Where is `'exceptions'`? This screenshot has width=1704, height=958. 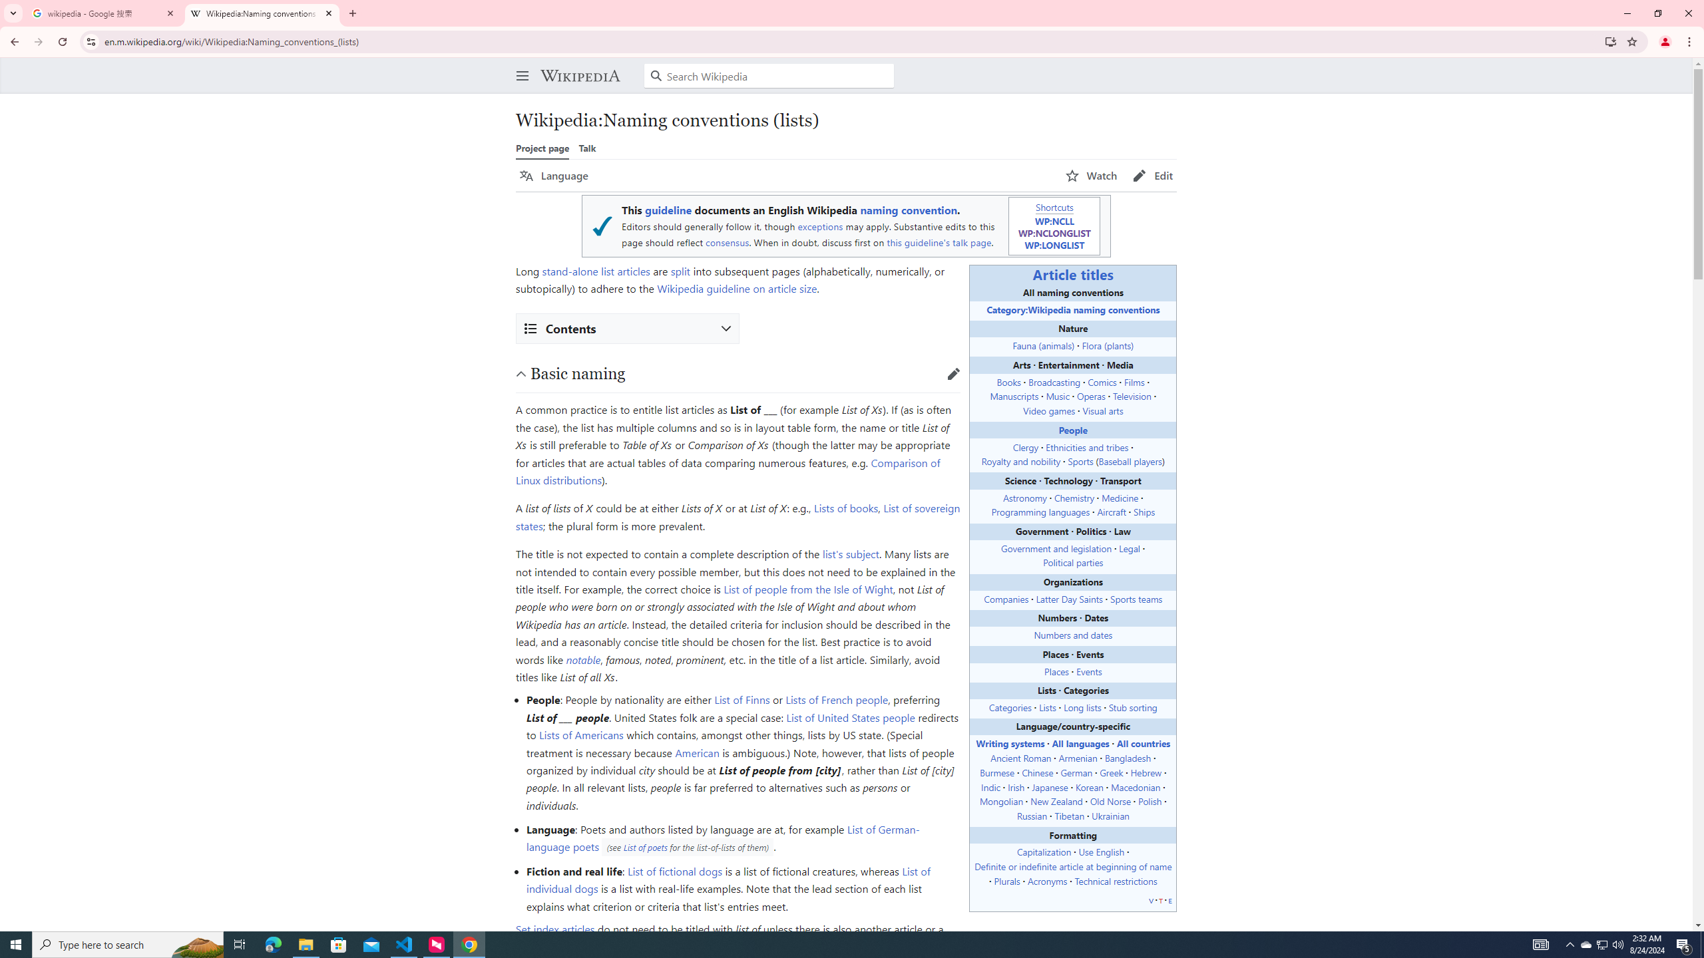
'exceptions' is located at coordinates (819, 226).